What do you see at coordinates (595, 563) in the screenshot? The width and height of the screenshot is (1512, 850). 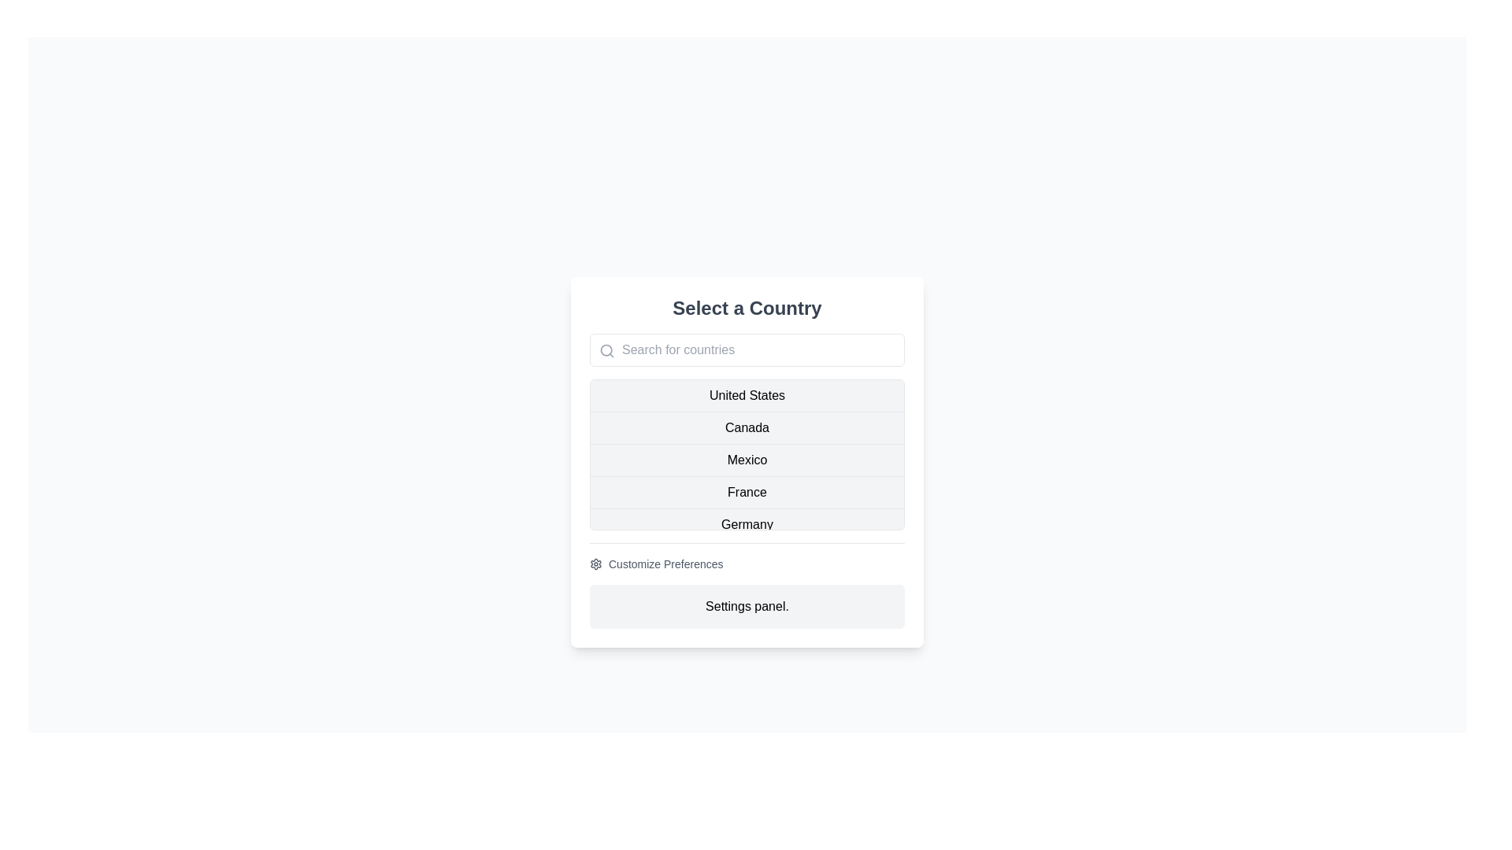 I see `the settings icon located at the bottom left of the selectable country interface` at bounding box center [595, 563].